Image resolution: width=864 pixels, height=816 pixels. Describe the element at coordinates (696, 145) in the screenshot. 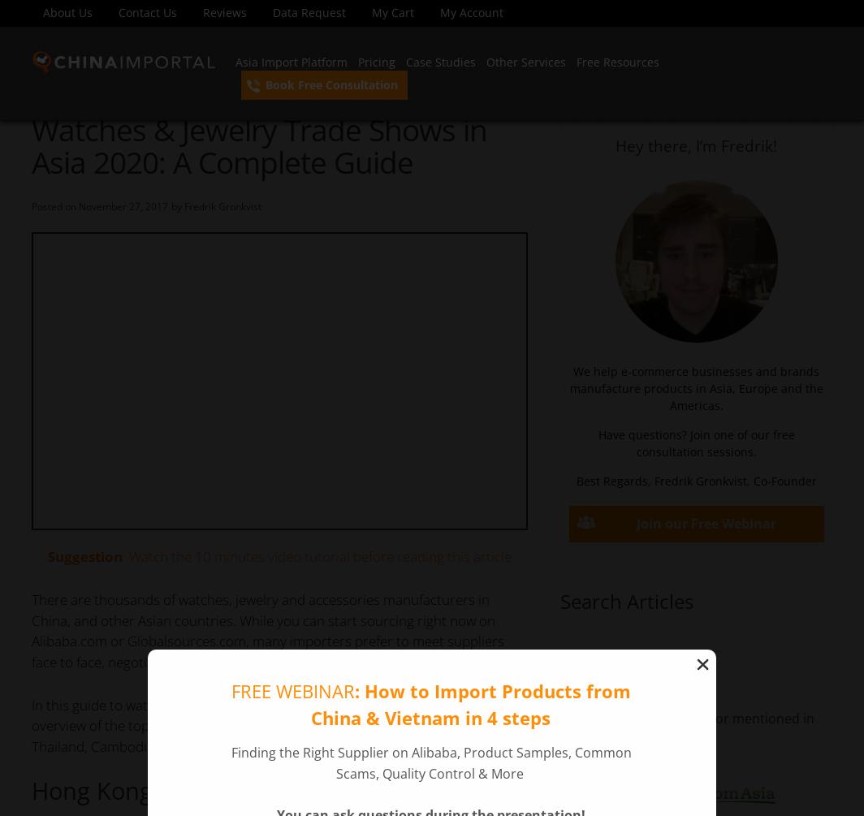

I see `'Hey there, I’m Fredrik!'` at that location.